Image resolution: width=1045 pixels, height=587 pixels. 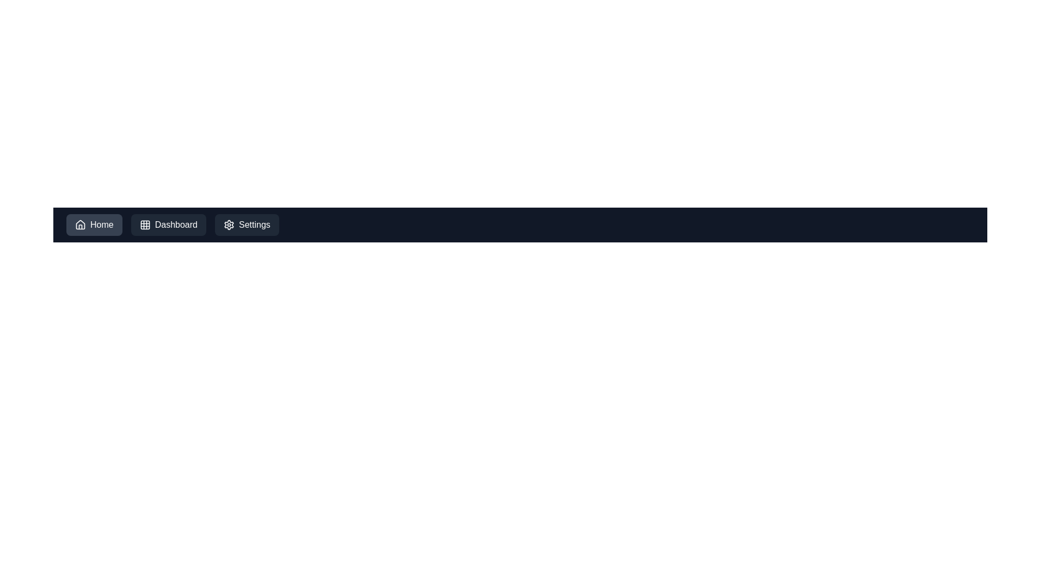 I want to click on the small grid icon located to the immediate left of the 'Dashboard' text in the horizontally arranged menu bar, so click(x=144, y=224).